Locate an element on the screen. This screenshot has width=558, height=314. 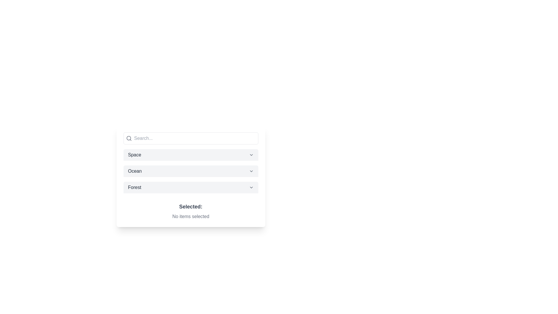
to focus on the Search Input Field located at the top of the list of items labeled 'Space', 'Ocean', and 'Forest' is located at coordinates (191, 138).